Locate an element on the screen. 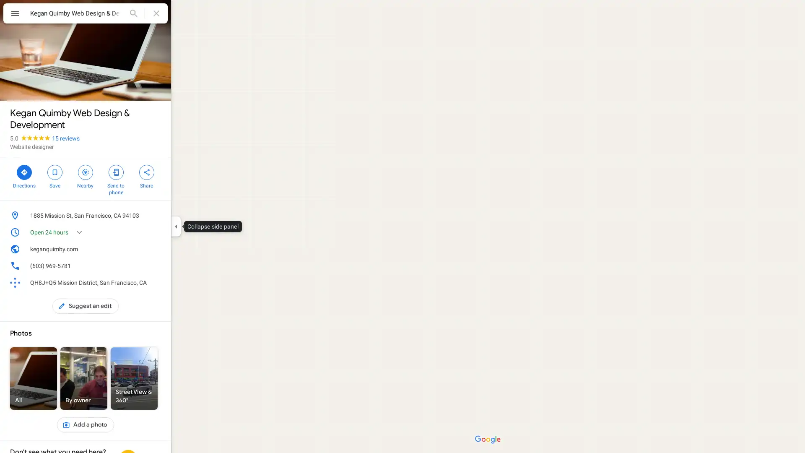 Image resolution: width=805 pixels, height=453 pixels. Street View & 360 is located at coordinates (134, 378).